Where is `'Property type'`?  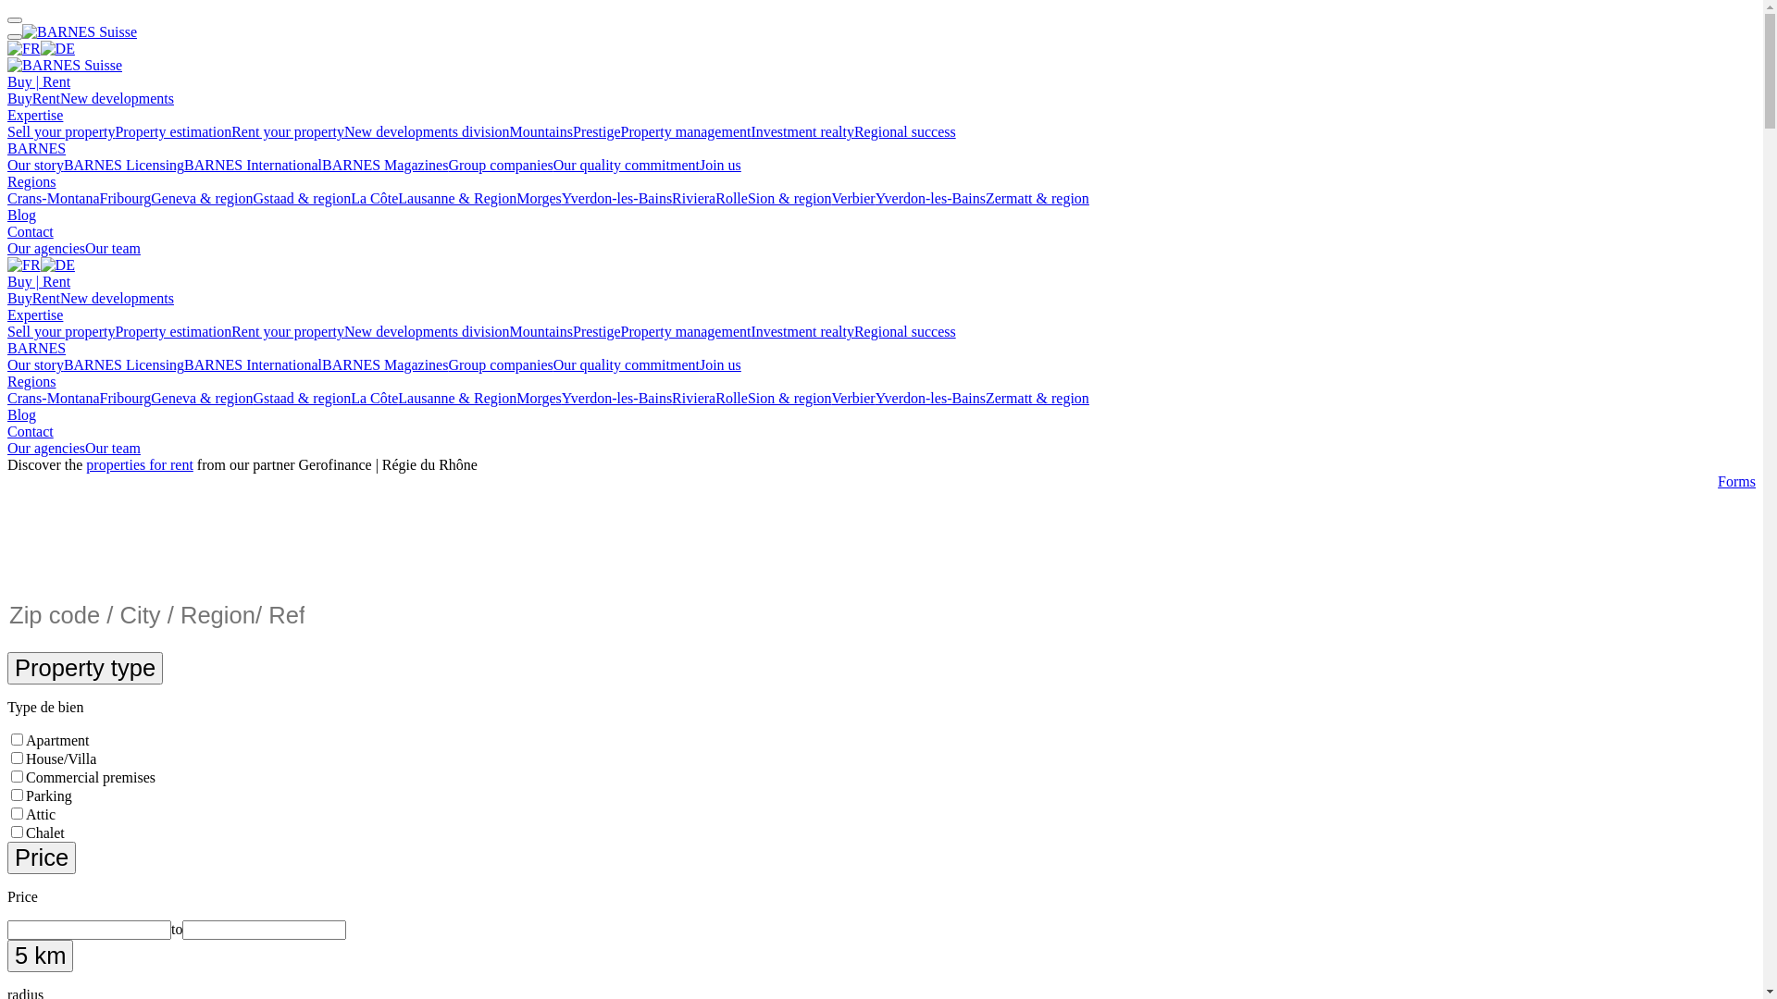 'Property type' is located at coordinates (83, 668).